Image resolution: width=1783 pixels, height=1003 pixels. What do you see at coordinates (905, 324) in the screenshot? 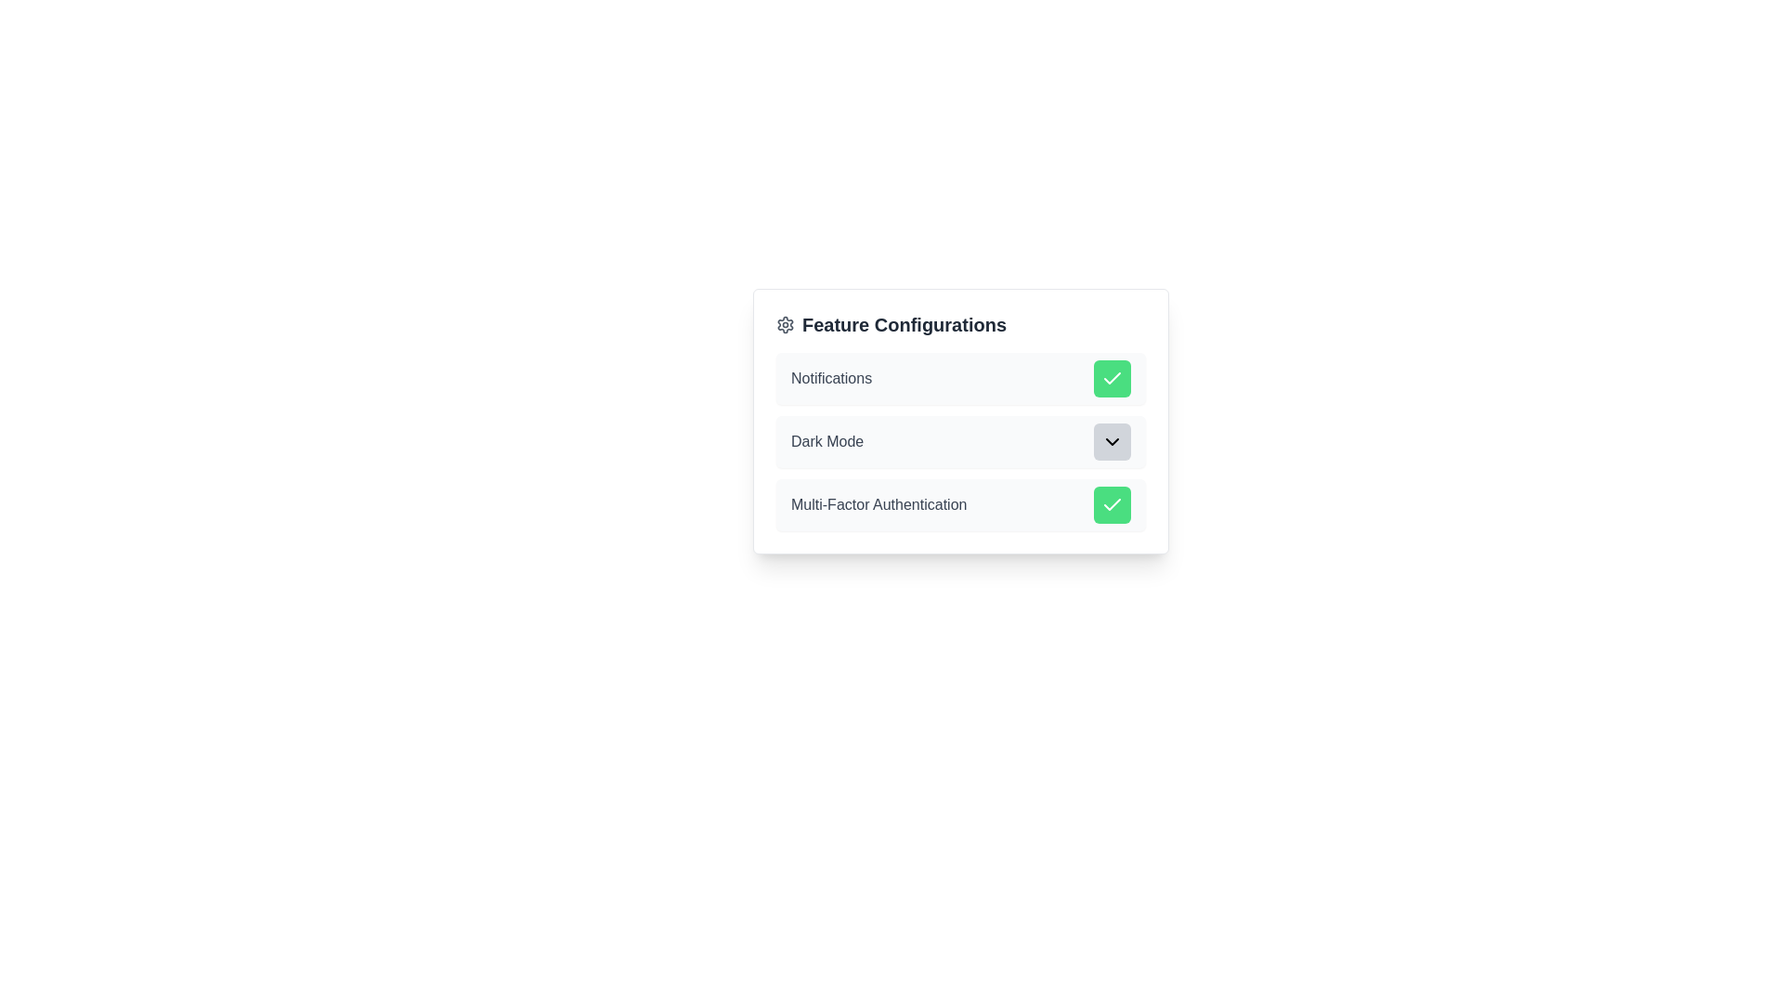
I see `the Text label that serves as the title for the adjacent features list, positioned next to the cogwheel icon at the top of the interface` at bounding box center [905, 324].